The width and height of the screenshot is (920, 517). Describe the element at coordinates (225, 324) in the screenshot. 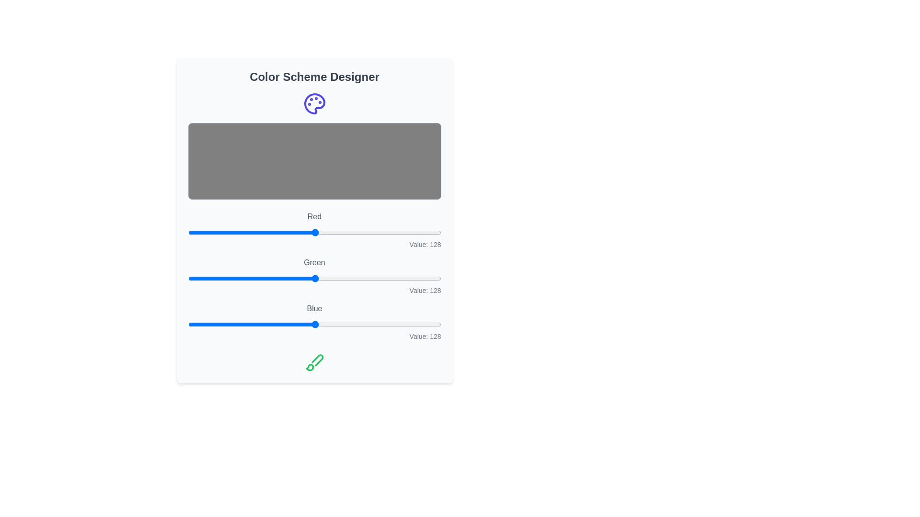

I see `the slider value` at that location.